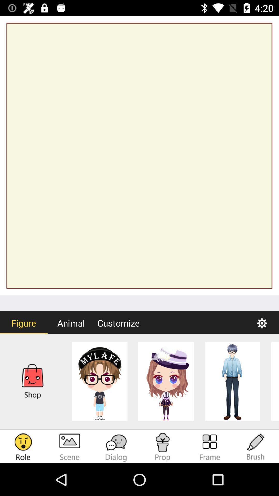  Describe the element at coordinates (70, 447) in the screenshot. I see `the wallpaper icon` at that location.